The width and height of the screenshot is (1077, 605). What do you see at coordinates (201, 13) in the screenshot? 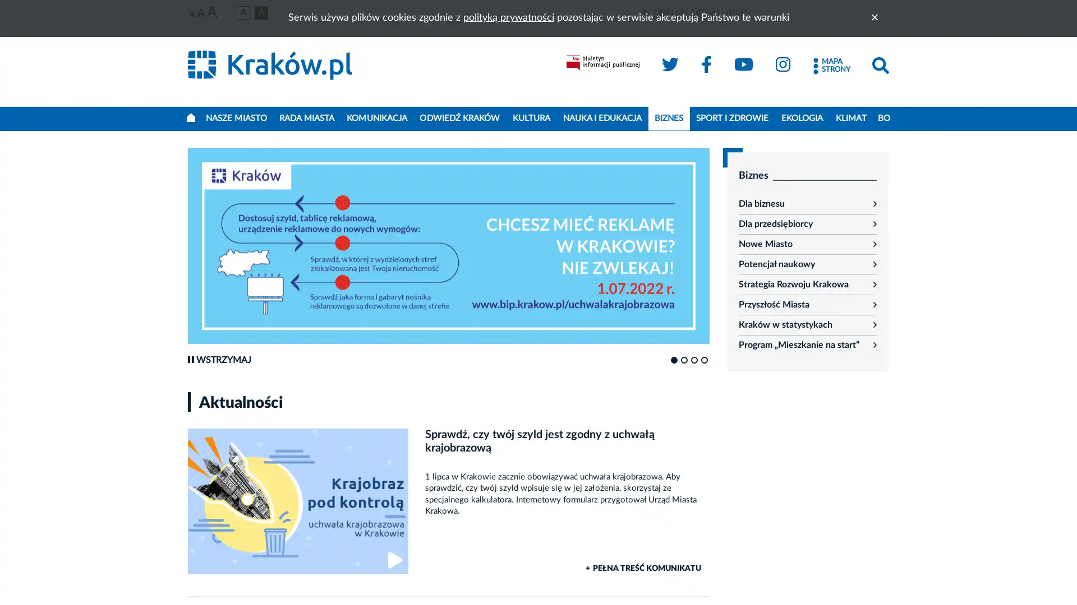
I see `Srednia czcionka` at bounding box center [201, 13].